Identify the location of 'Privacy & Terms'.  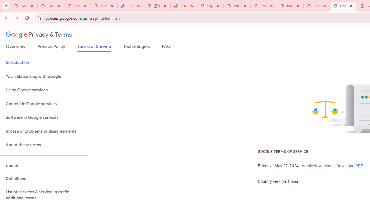
(39, 35).